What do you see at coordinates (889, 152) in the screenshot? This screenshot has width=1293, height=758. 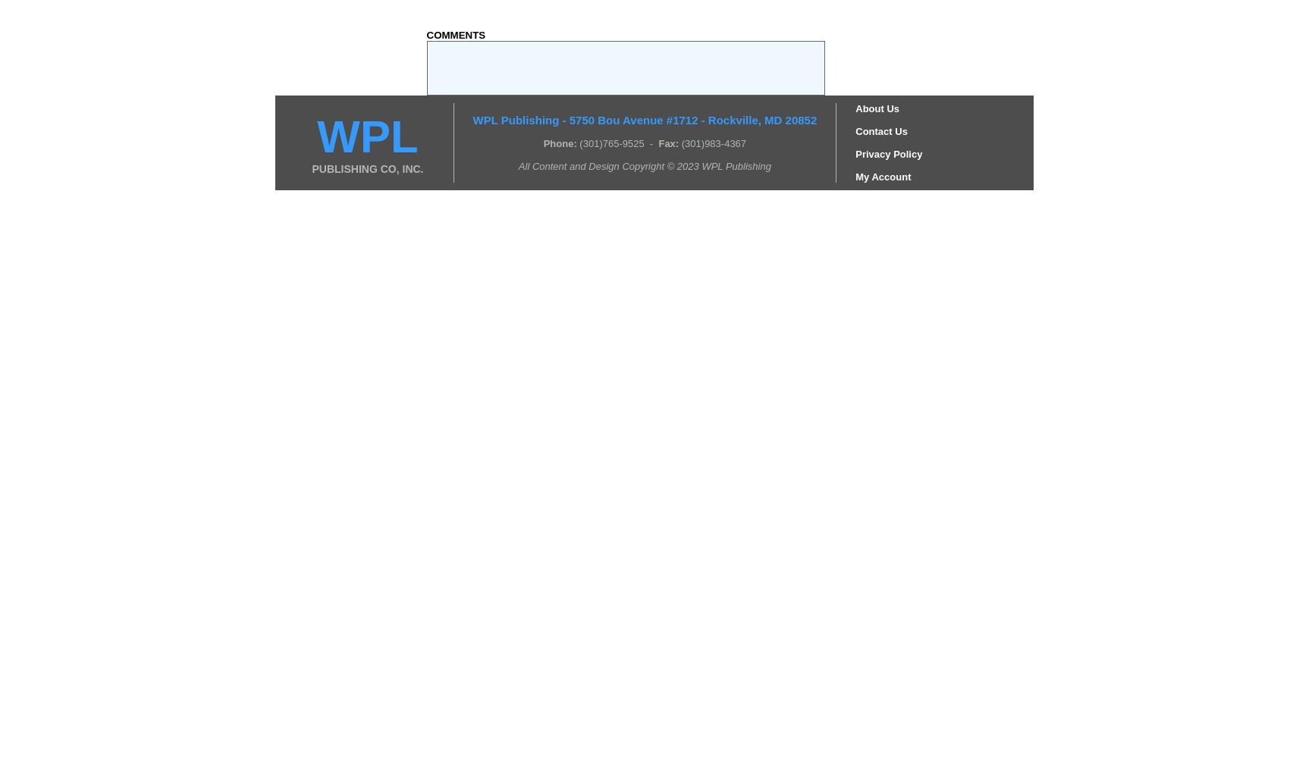 I see `'Privacy Policy'` at bounding box center [889, 152].